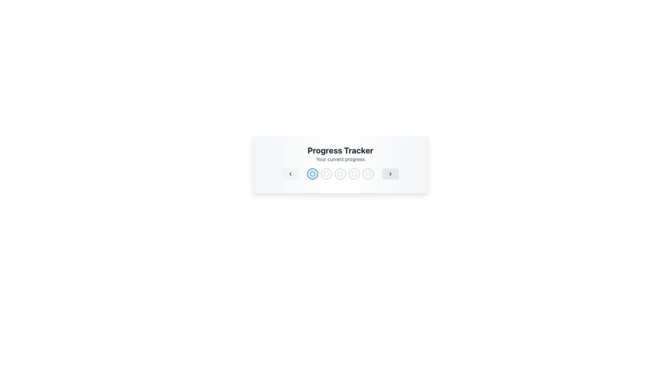 The height and width of the screenshot is (375, 667). What do you see at coordinates (340, 174) in the screenshot?
I see `the fourth circular icon in the progress tracker component, which has a gray stroke and a transparent background, to indicate progress` at bounding box center [340, 174].